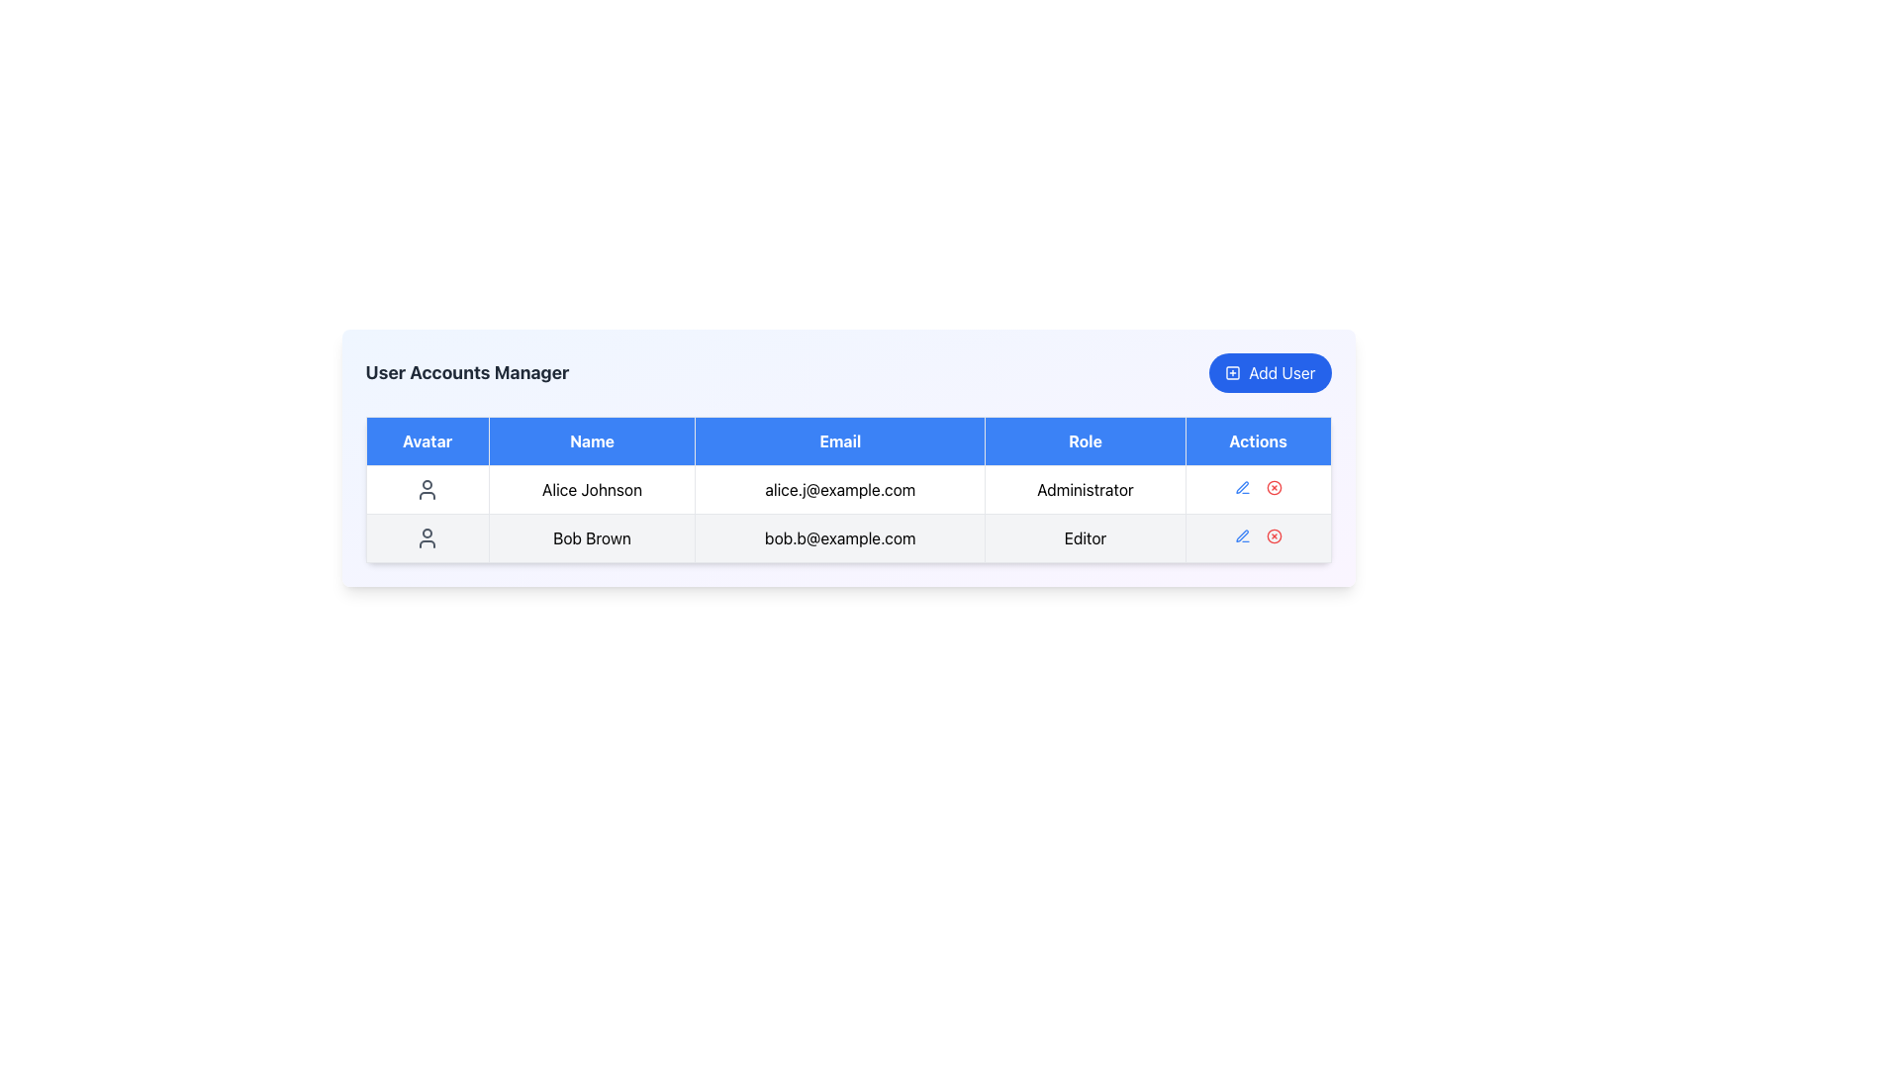  What do you see at coordinates (1084, 537) in the screenshot?
I see `the static text label displaying 'Editor' in black font, located in the 'Role' column of the second row for user 'Bob Brown'` at bounding box center [1084, 537].